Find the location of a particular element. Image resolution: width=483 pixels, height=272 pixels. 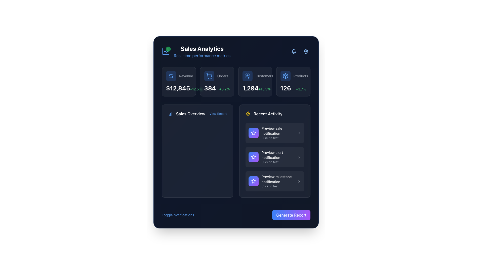

the Icon Button with a white star icon located in the second item of the 'Recent Activity' section, positioned to the left of the 'Preview alert notification' text, if interactive action is enabled is located at coordinates (253, 157).